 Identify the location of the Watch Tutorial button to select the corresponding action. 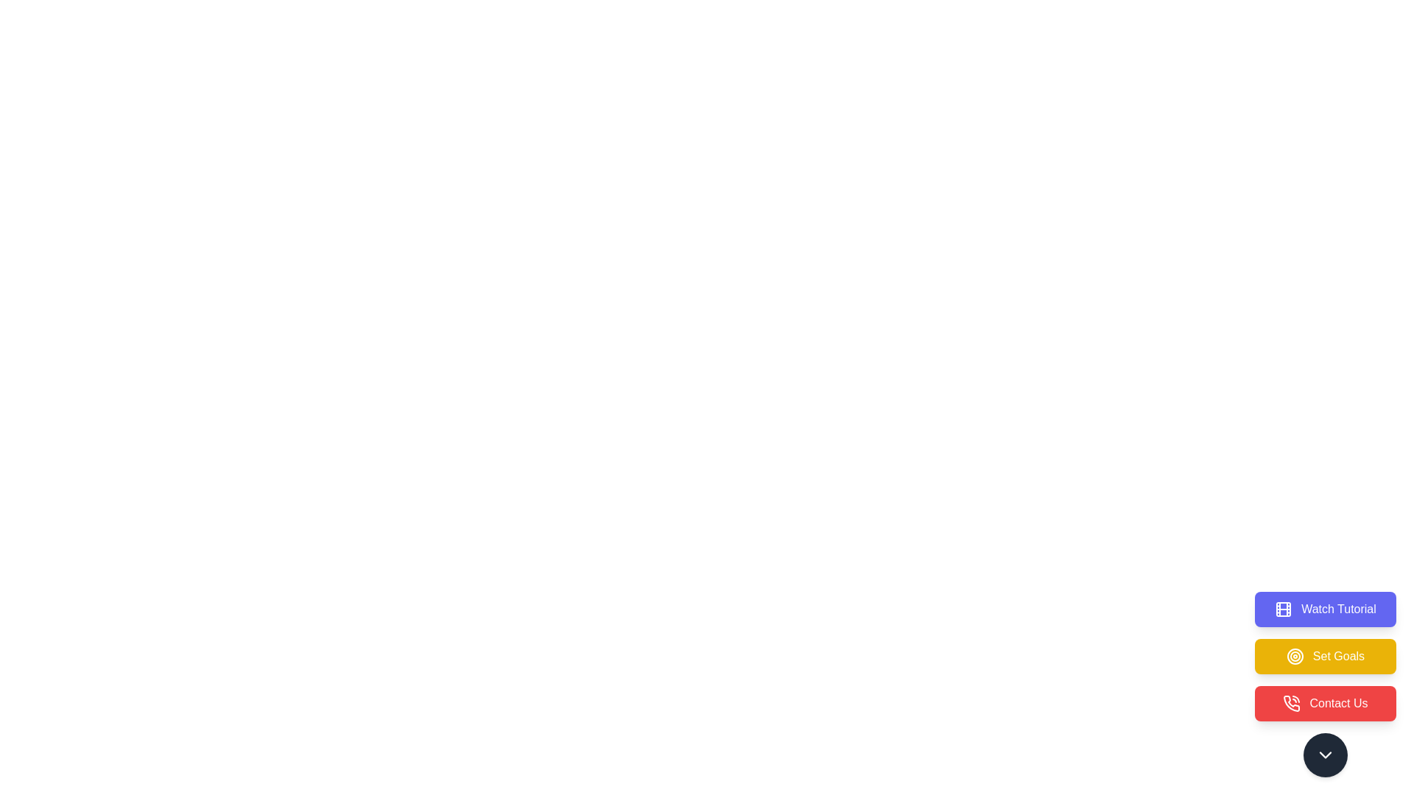
(1326, 609).